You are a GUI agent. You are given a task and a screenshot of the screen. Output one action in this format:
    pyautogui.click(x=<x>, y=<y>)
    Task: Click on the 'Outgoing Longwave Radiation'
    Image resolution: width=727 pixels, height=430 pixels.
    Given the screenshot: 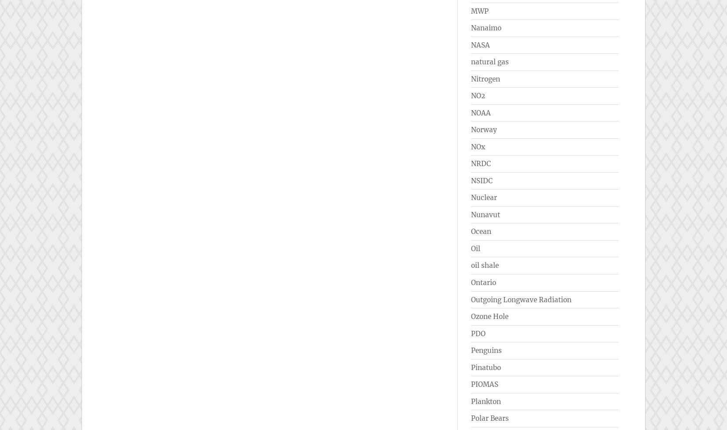 What is the action you would take?
    pyautogui.click(x=521, y=299)
    